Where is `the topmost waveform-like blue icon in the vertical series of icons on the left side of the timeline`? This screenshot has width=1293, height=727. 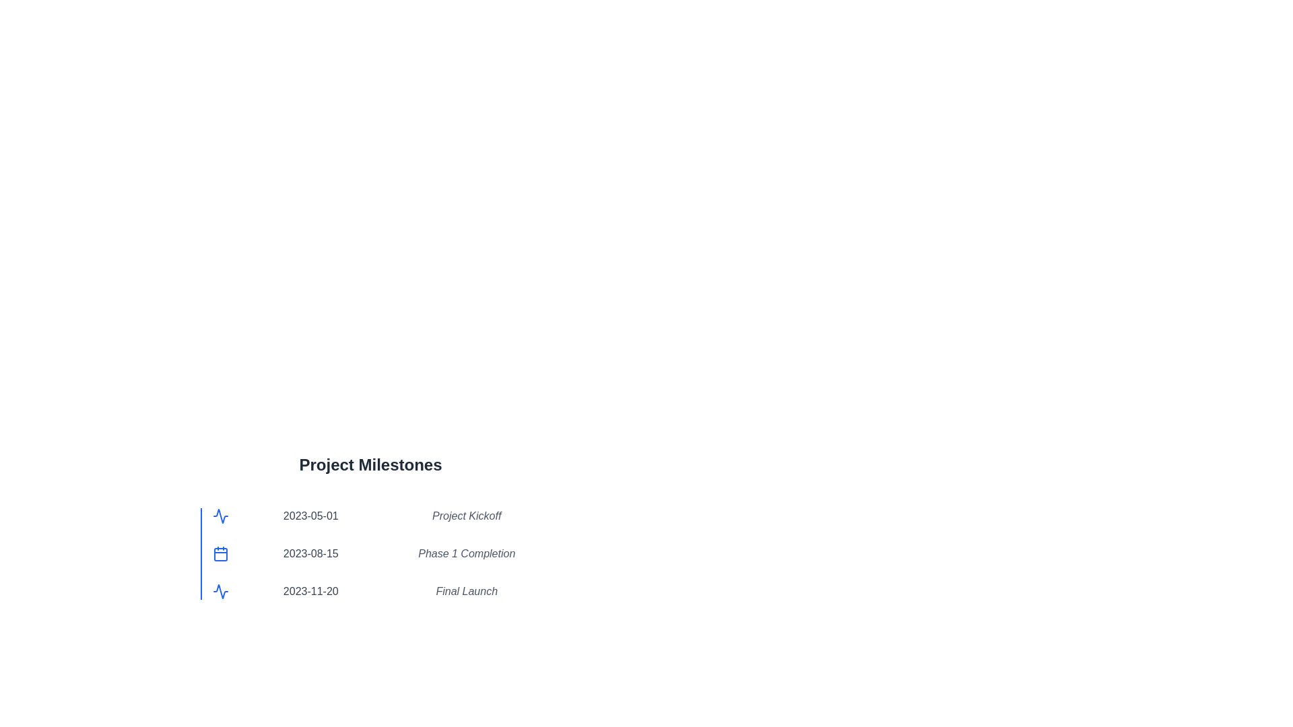
the topmost waveform-like blue icon in the vertical series of icons on the left side of the timeline is located at coordinates (220, 591).